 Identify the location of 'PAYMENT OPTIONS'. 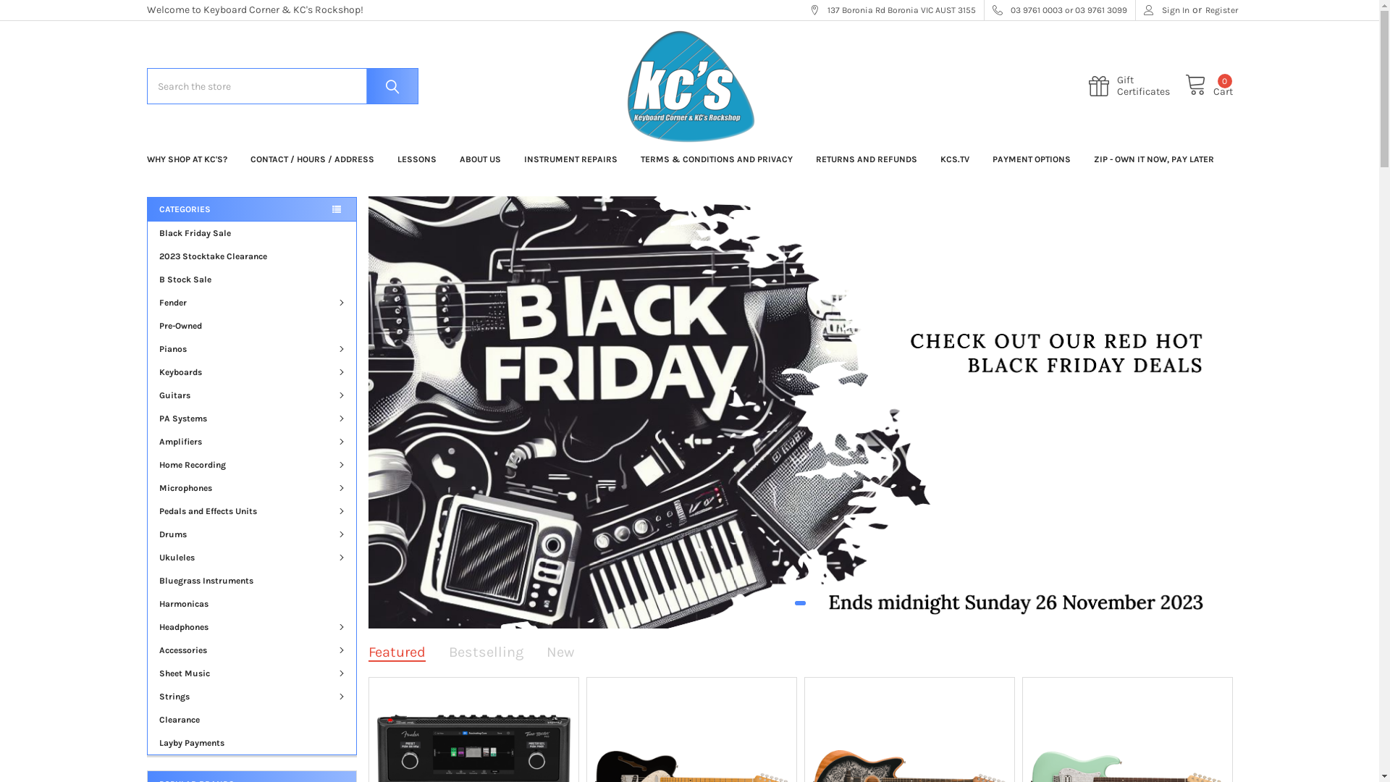
(1030, 159).